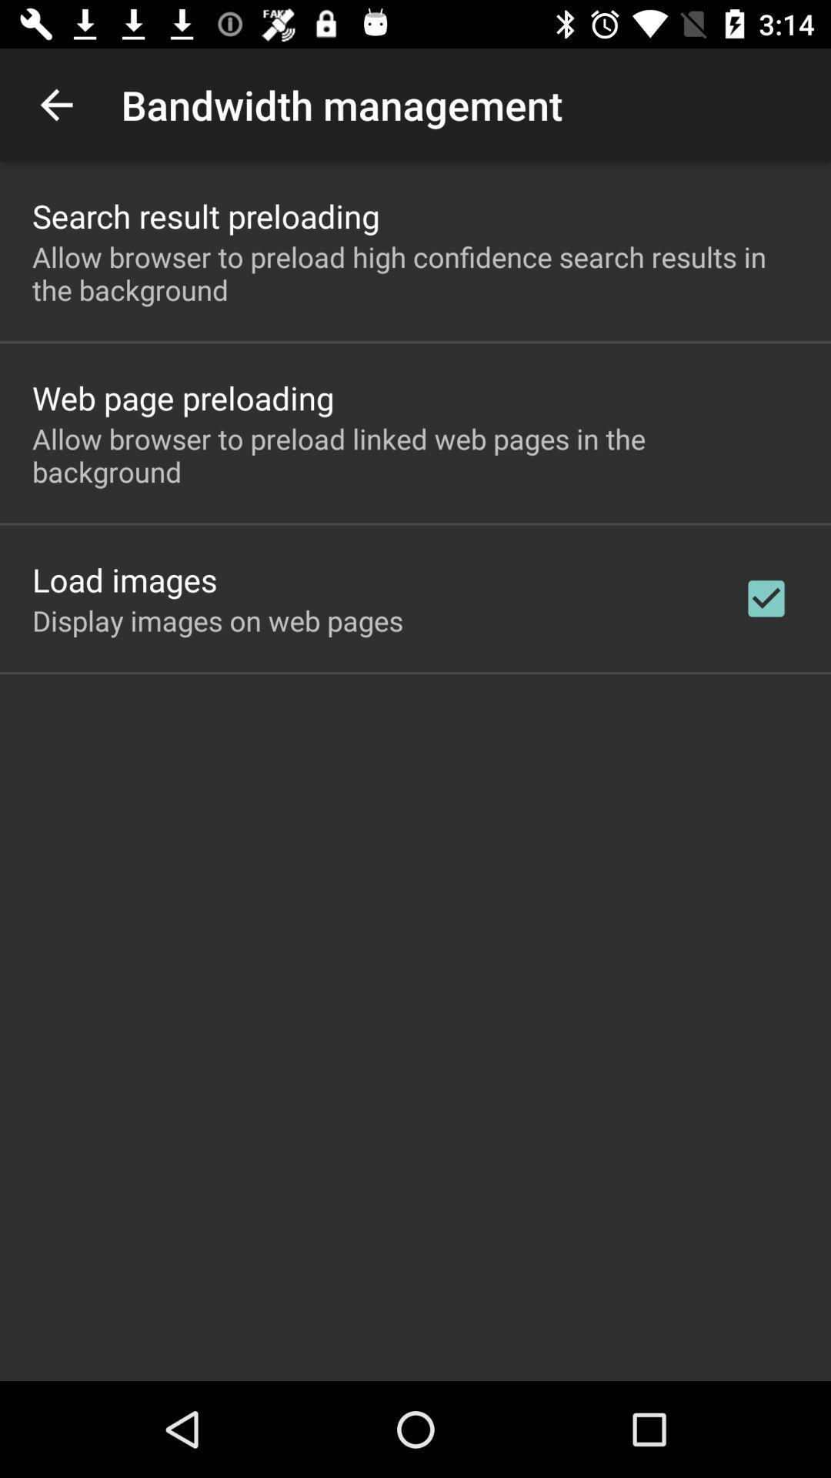 This screenshot has height=1478, width=831. Describe the element at coordinates (766, 597) in the screenshot. I see `item next to display images on item` at that location.